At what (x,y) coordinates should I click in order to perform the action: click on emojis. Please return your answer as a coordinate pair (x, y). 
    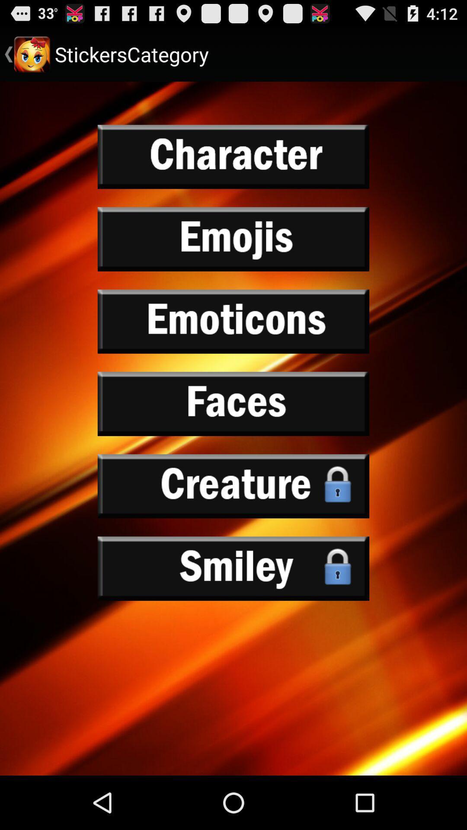
    Looking at the image, I should click on (233, 239).